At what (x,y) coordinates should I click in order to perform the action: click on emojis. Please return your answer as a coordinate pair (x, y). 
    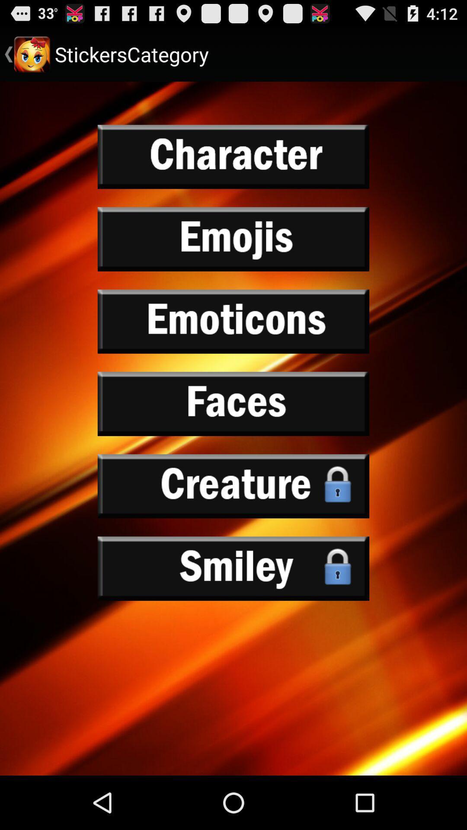
    Looking at the image, I should click on (233, 239).